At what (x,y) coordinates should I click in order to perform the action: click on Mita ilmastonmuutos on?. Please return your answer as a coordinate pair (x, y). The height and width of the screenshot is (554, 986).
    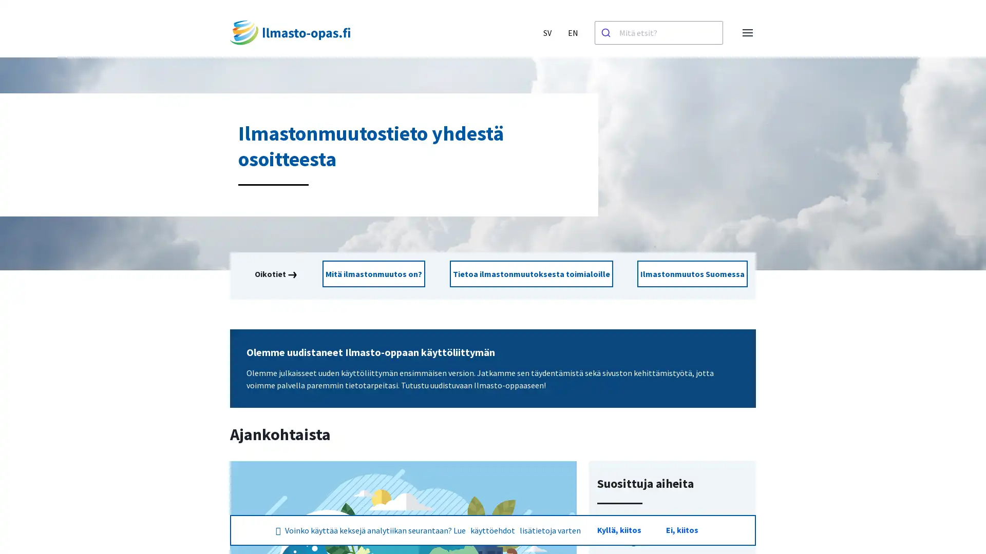
    Looking at the image, I should click on (378, 274).